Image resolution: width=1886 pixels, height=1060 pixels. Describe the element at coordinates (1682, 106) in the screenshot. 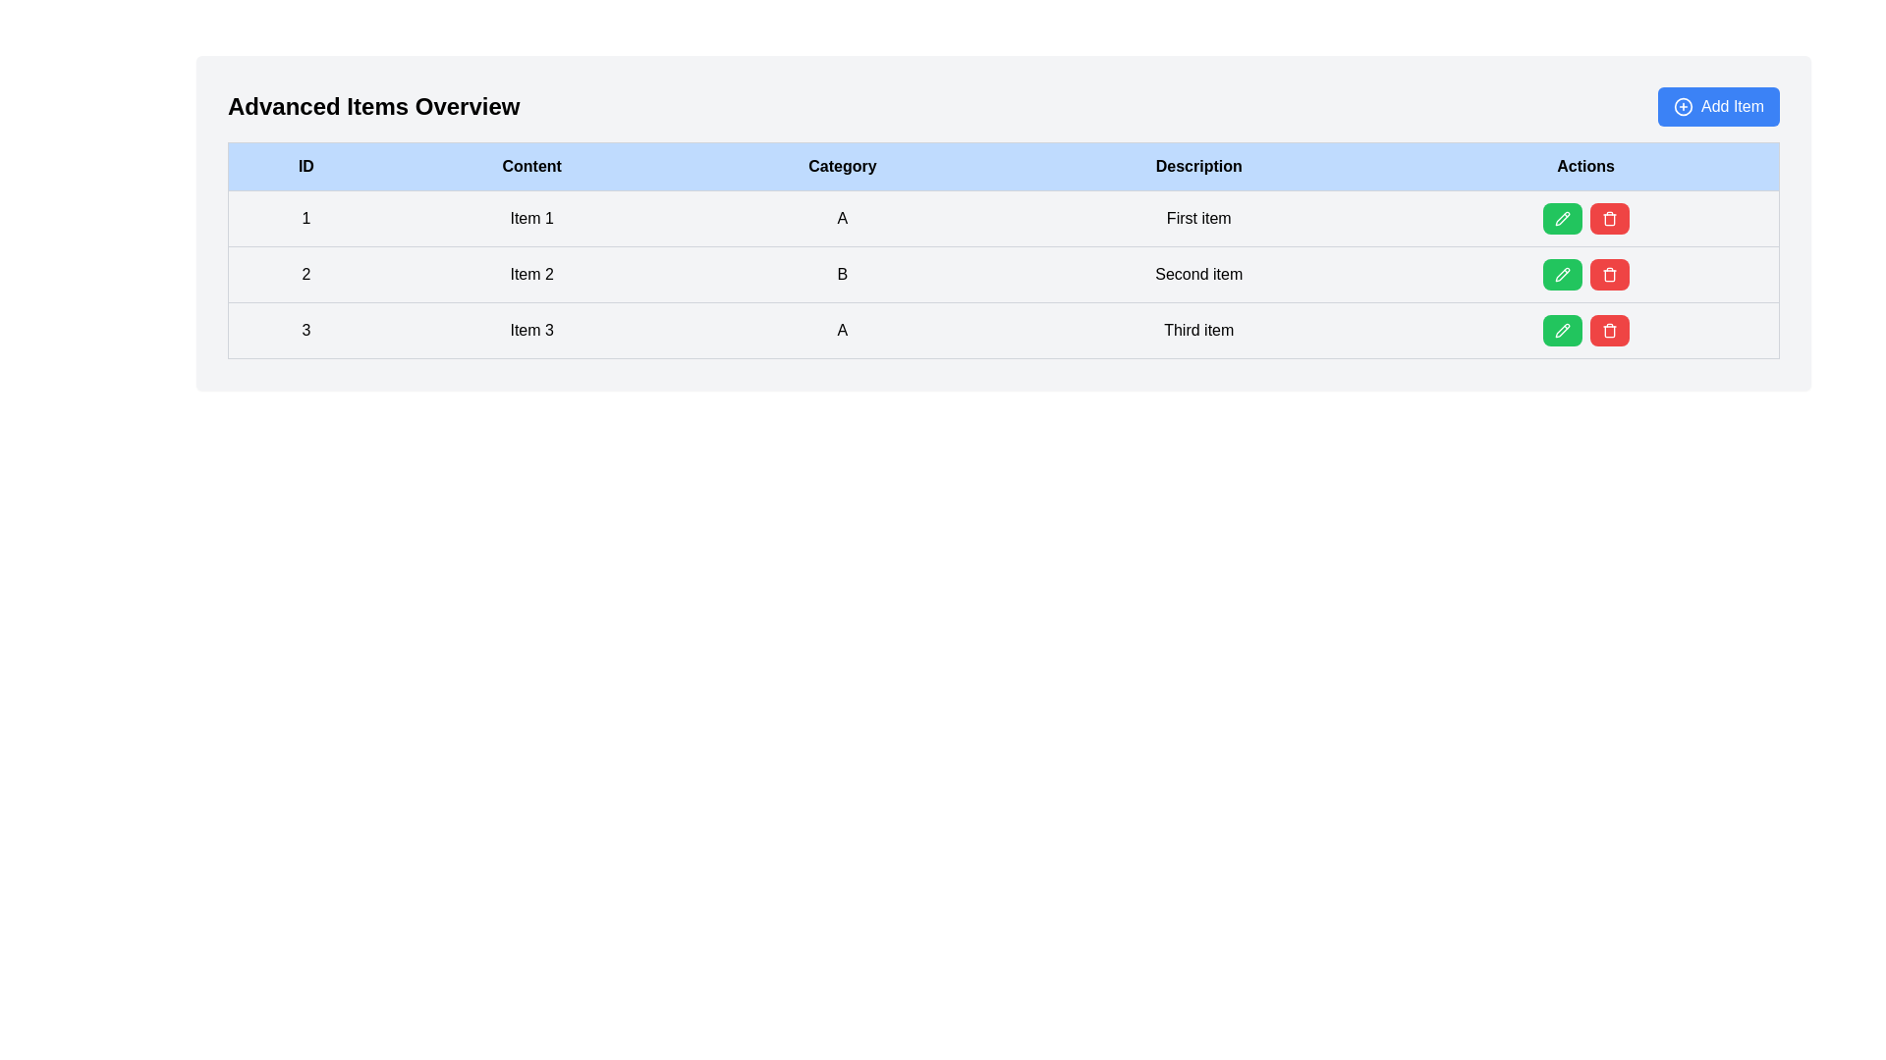

I see `the circular decorative outline of the 'Add Item' button located in the top-right corner of the interface` at that location.